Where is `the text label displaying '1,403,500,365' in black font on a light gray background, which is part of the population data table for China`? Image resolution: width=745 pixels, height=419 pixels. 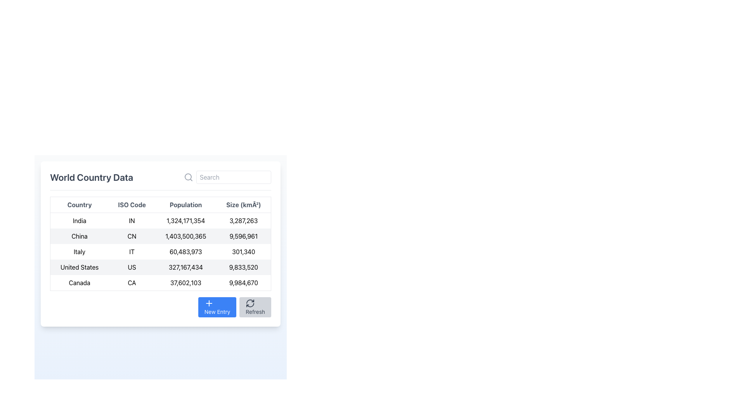 the text label displaying '1,403,500,365' in black font on a light gray background, which is part of the population data table for China is located at coordinates (185, 236).